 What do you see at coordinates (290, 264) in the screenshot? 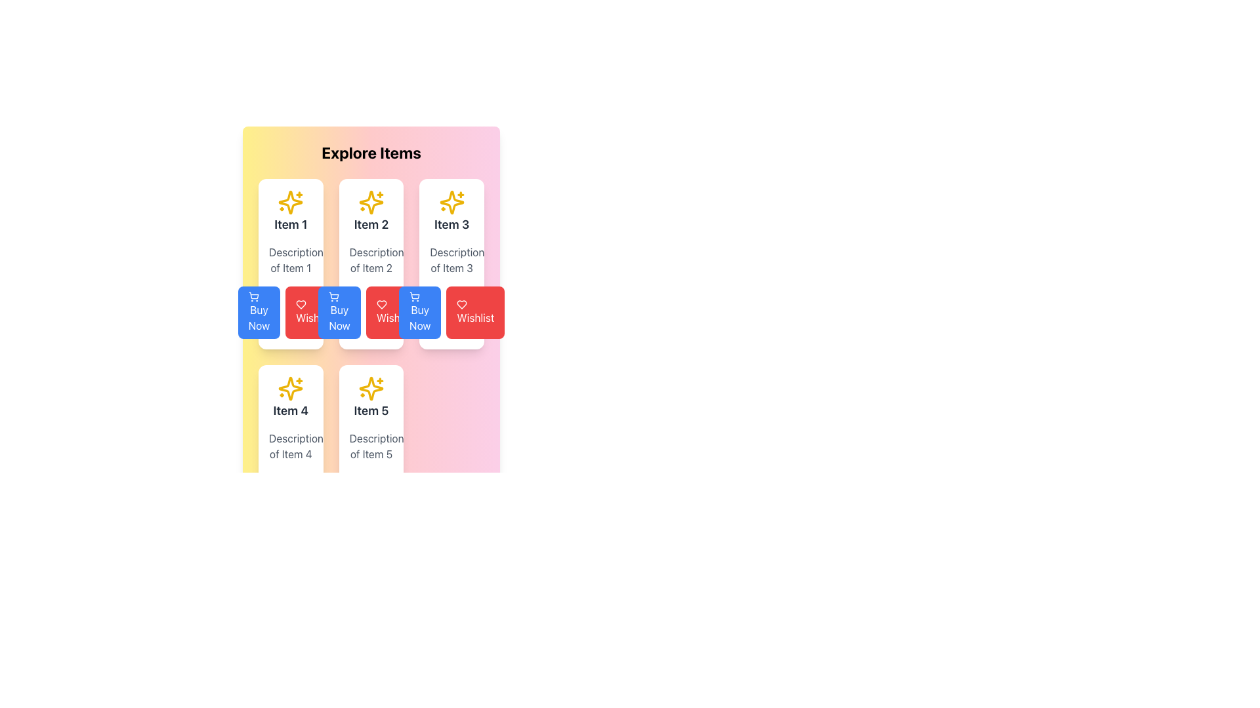
I see `the first item card in the catalog grid` at bounding box center [290, 264].